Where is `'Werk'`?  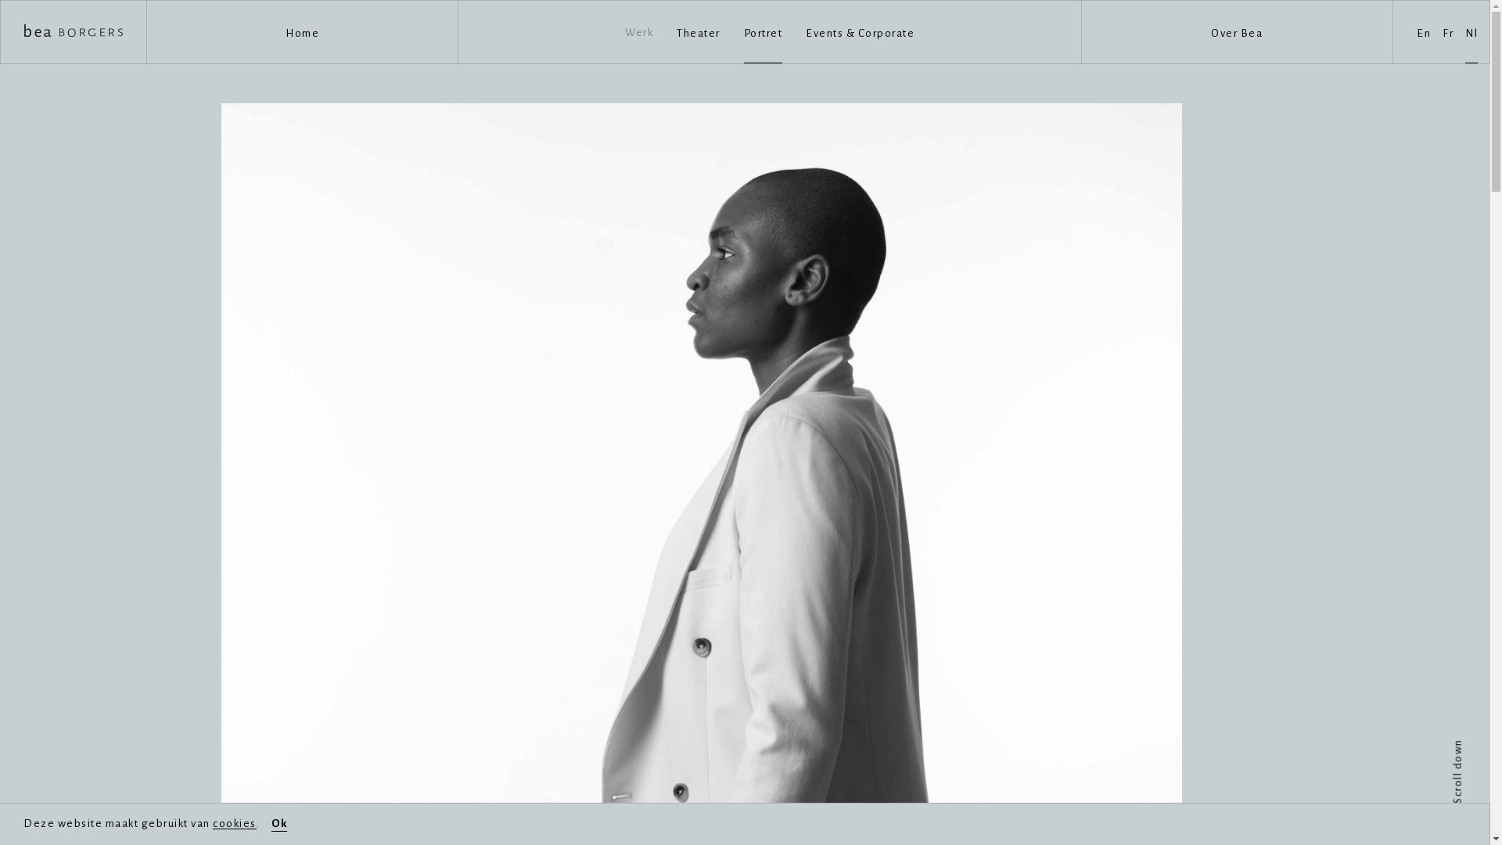
'Werk' is located at coordinates (638, 32).